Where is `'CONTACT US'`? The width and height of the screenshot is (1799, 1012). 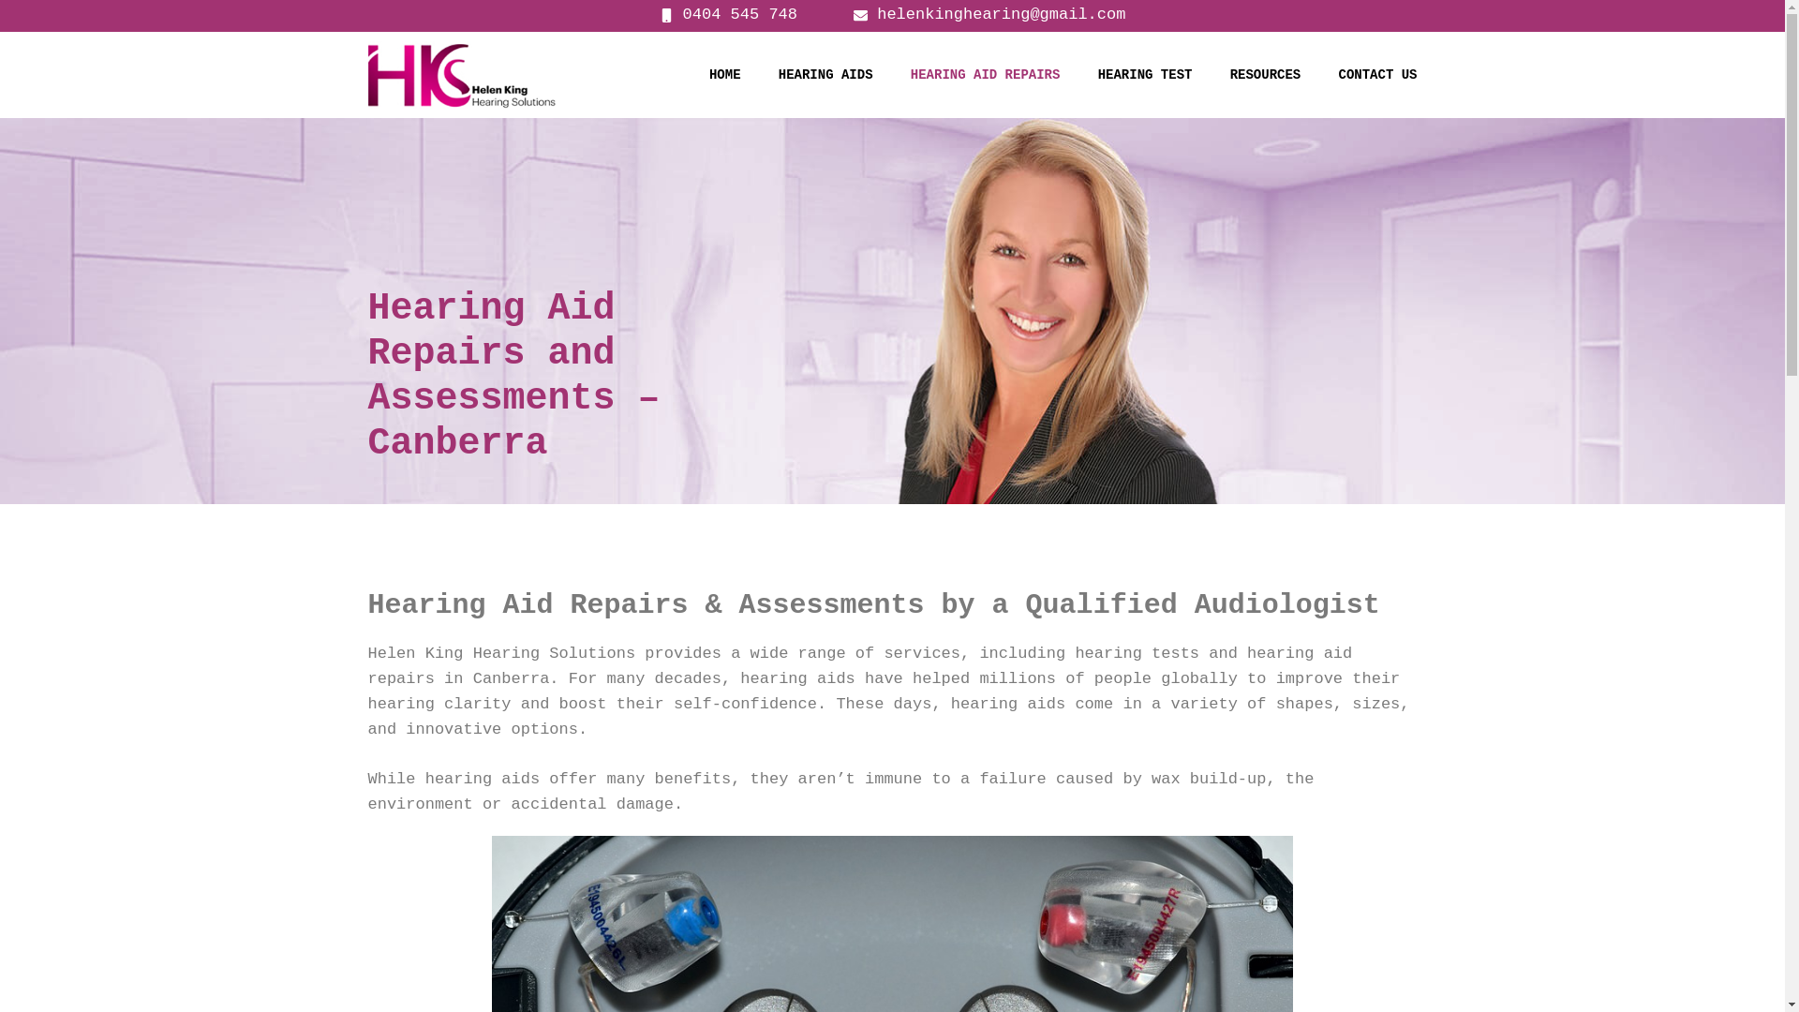
'CONTACT US' is located at coordinates (1376, 74).